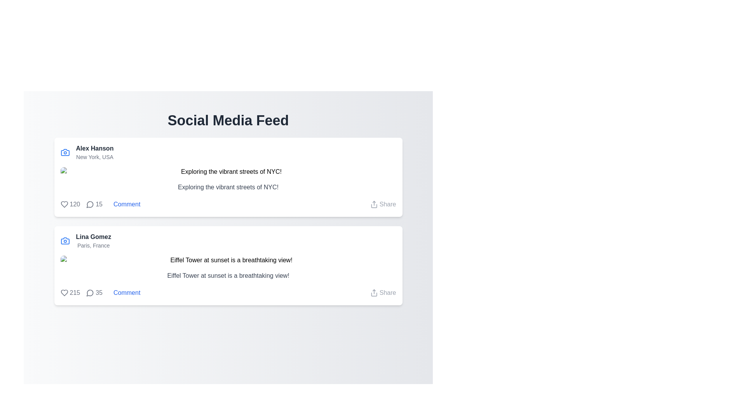 The height and width of the screenshot is (419, 746). I want to click on the small blue camera icon located at the start of the first social media post, preceding the text 'Alex Hanson' and 'New York, USA', so click(65, 152).